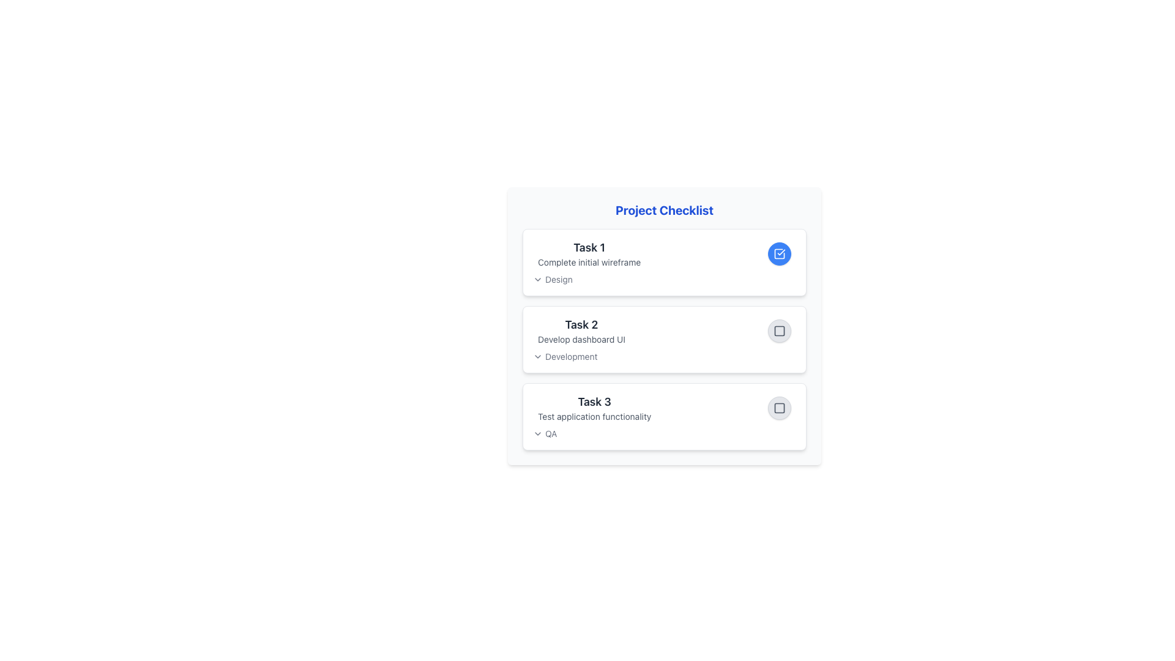 The height and width of the screenshot is (661, 1175). What do you see at coordinates (581, 340) in the screenshot?
I see `the text label displaying 'Develop dashboard UI', which is located underneath the title 'Task 2' in a checklist interface` at bounding box center [581, 340].